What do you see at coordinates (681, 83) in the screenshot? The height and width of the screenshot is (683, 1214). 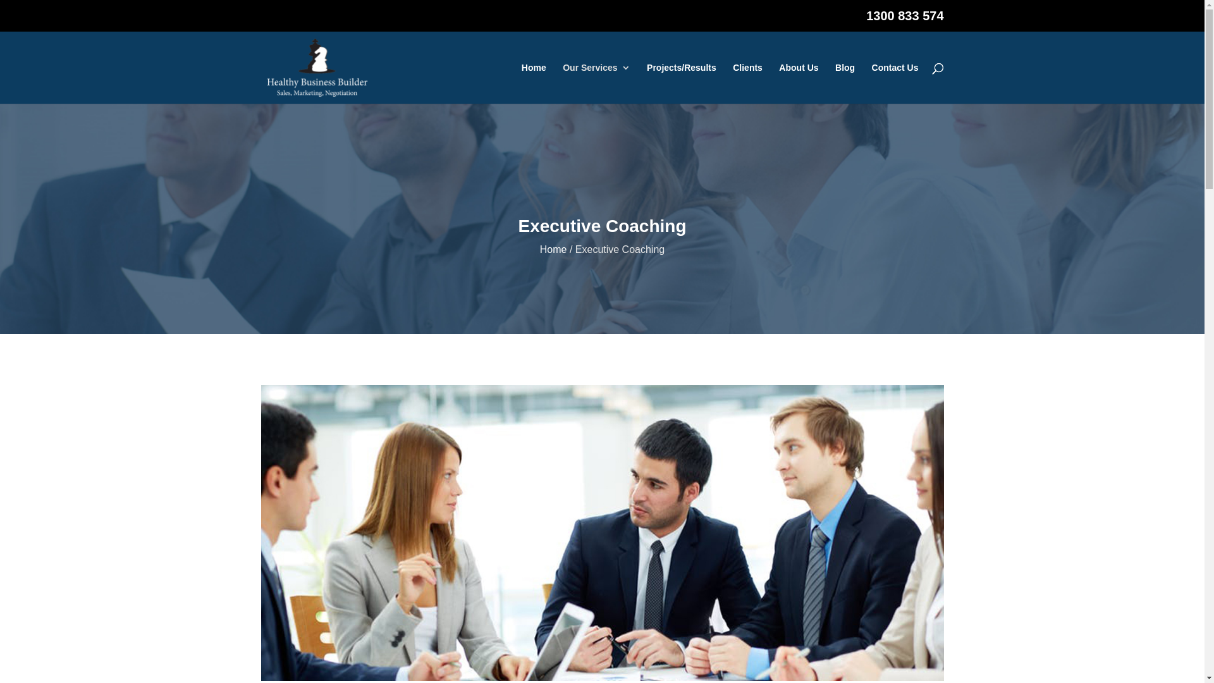 I see `'Projects/Results'` at bounding box center [681, 83].